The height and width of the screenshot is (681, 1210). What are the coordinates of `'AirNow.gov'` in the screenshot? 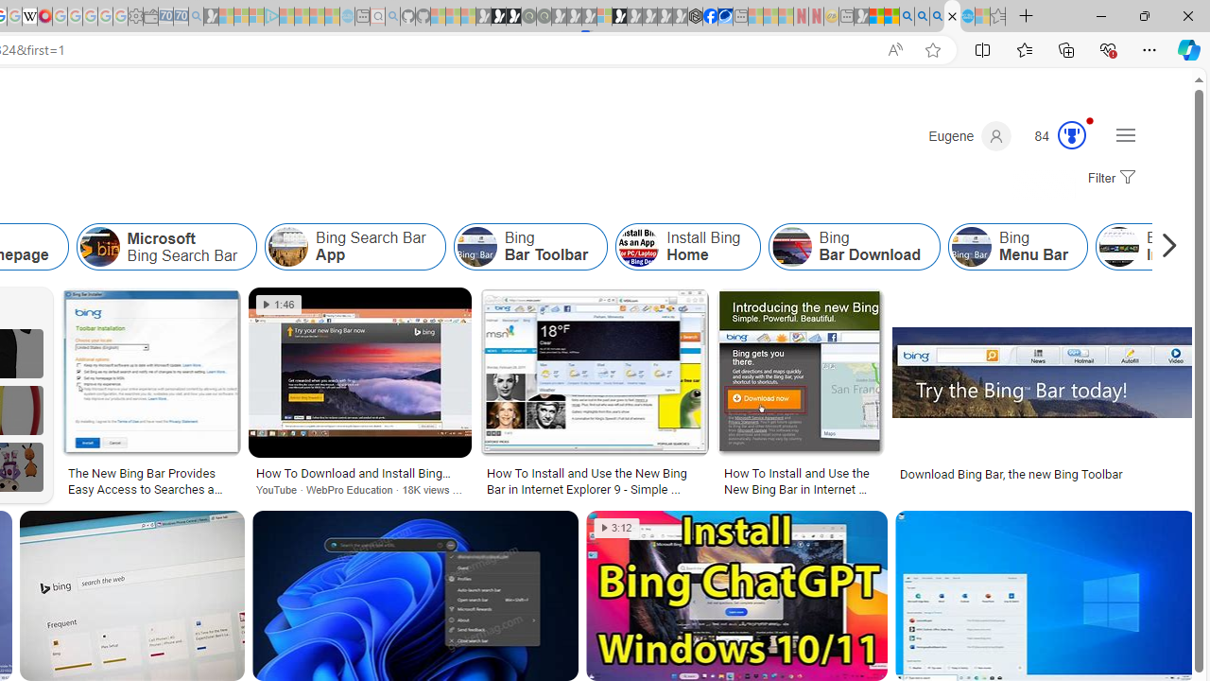 It's located at (724, 16).